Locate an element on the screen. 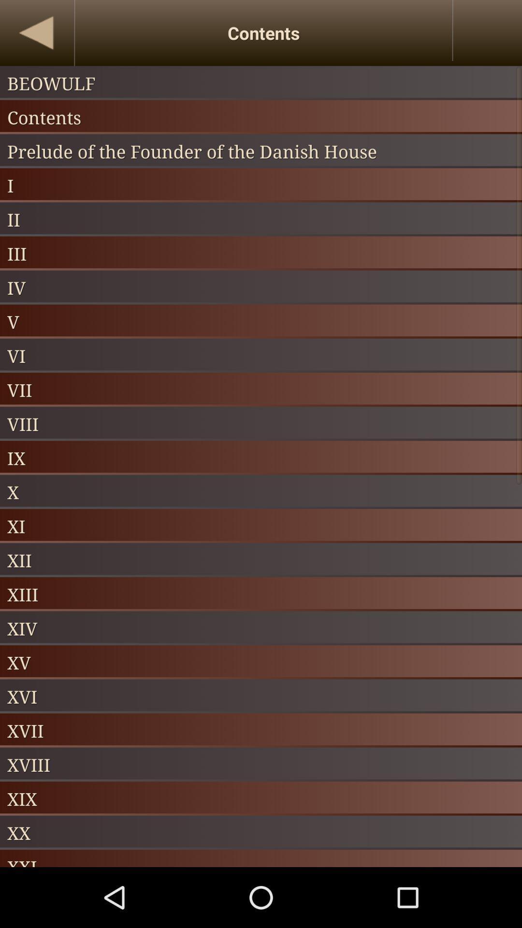 The width and height of the screenshot is (522, 928). the app above xvi is located at coordinates (261, 662).